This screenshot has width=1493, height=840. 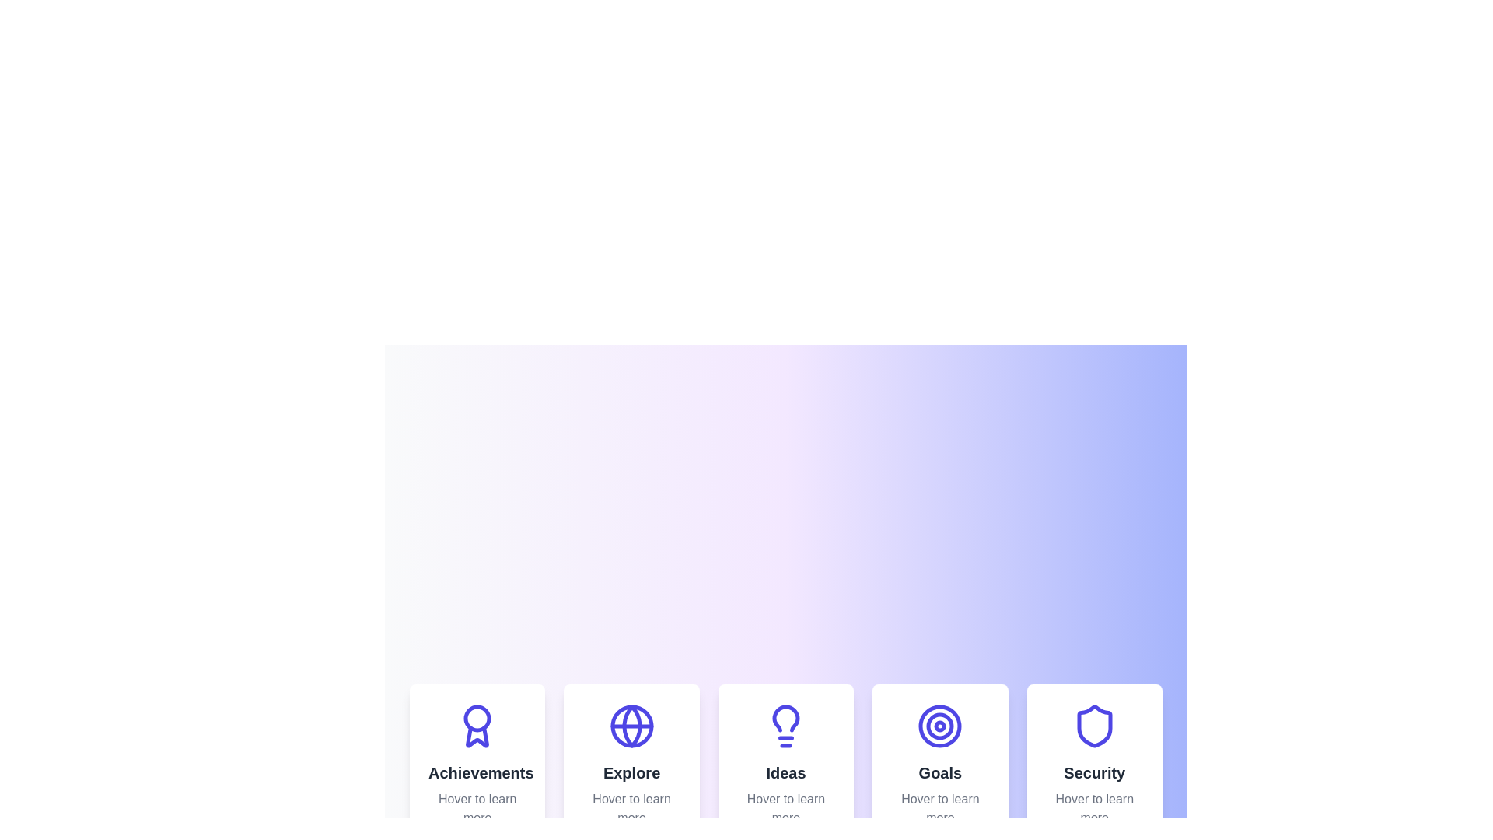 What do you see at coordinates (631, 726) in the screenshot?
I see `the globe icon, which is a circular graphic with overlapping lines in indigo color, located in the second card above the text 'Explore'` at bounding box center [631, 726].